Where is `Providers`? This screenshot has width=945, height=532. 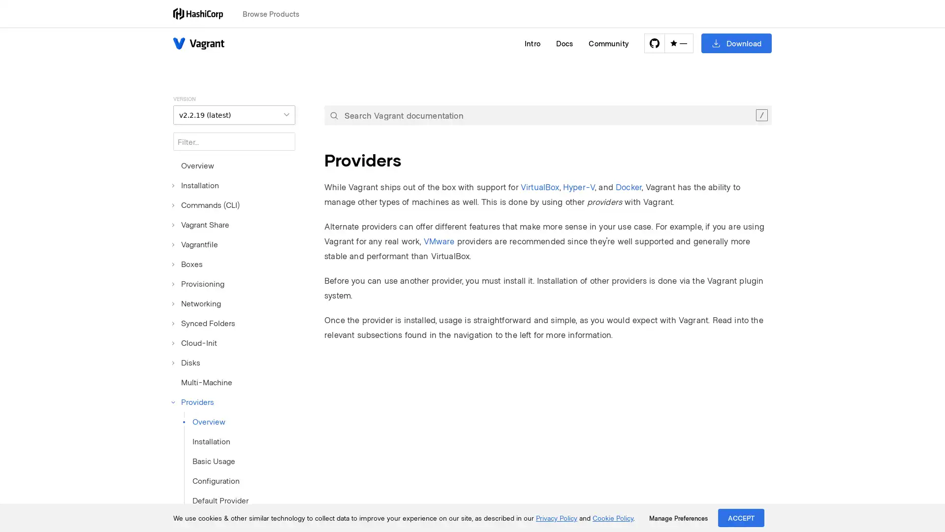 Providers is located at coordinates (193, 402).